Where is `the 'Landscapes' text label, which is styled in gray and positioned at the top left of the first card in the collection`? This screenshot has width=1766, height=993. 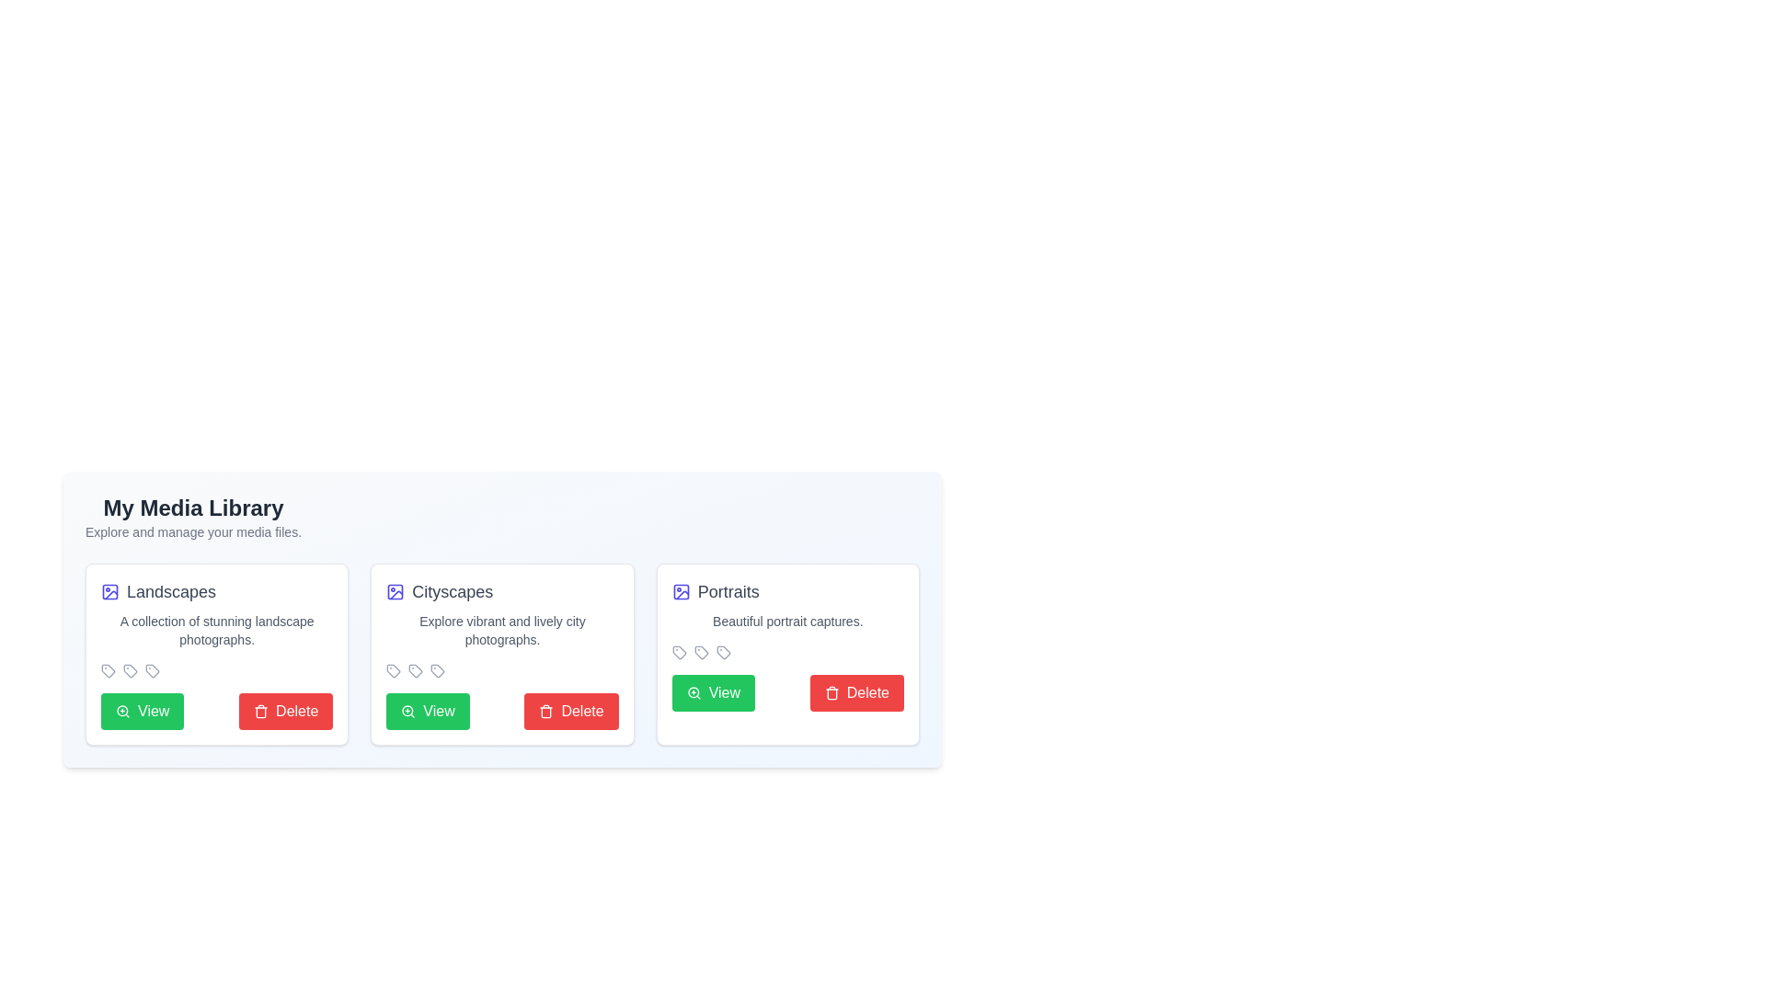
the 'Landscapes' text label, which is styled in gray and positioned at the top left of the first card in the collection is located at coordinates (171, 592).